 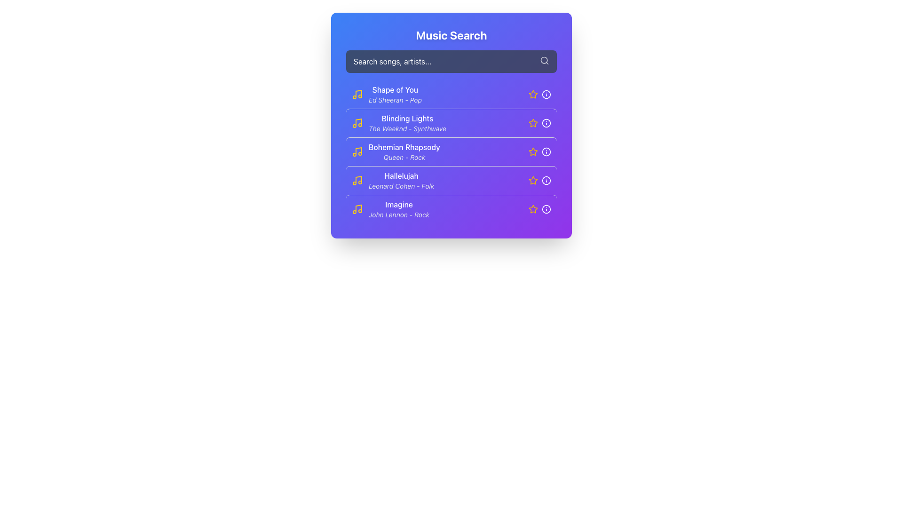 I want to click on the text label element displaying 'Queen - Rock', styled in a small italicized font, located below the song title 'Bohemian Rhapsody' in the third song entry of the list, so click(x=404, y=157).